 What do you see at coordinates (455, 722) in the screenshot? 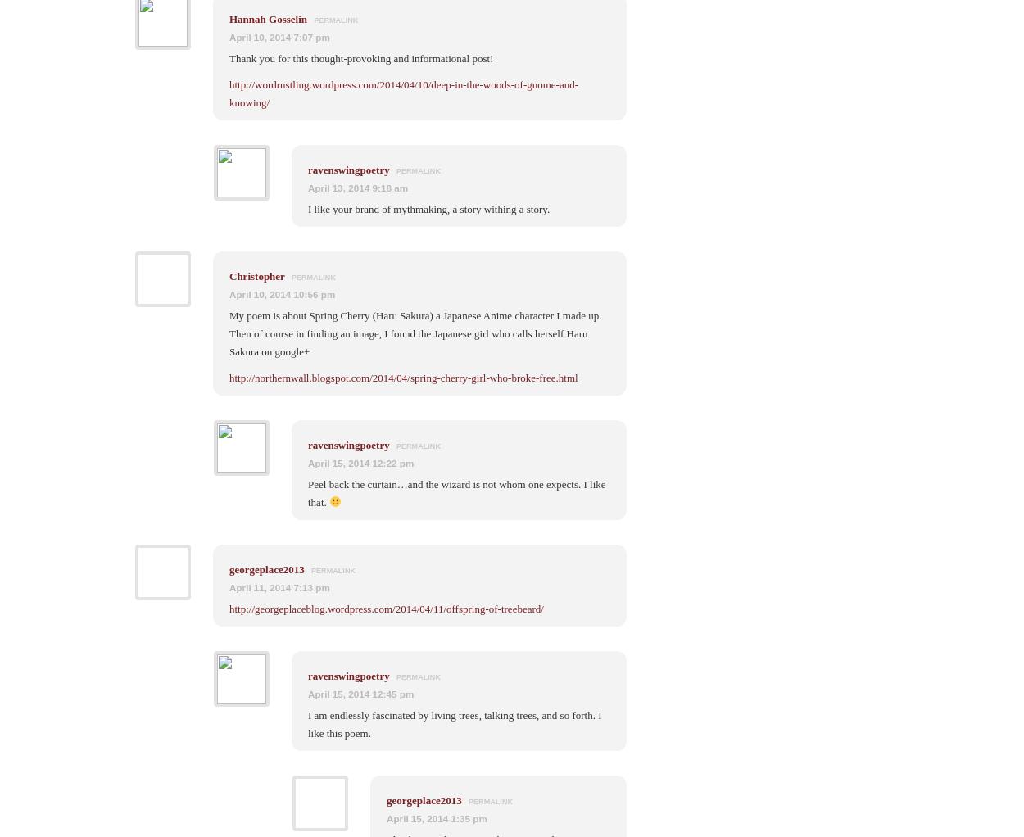
I see `'I am endlessly fascinated by living trees, talking trees, and so forth. I like this poem.'` at bounding box center [455, 722].